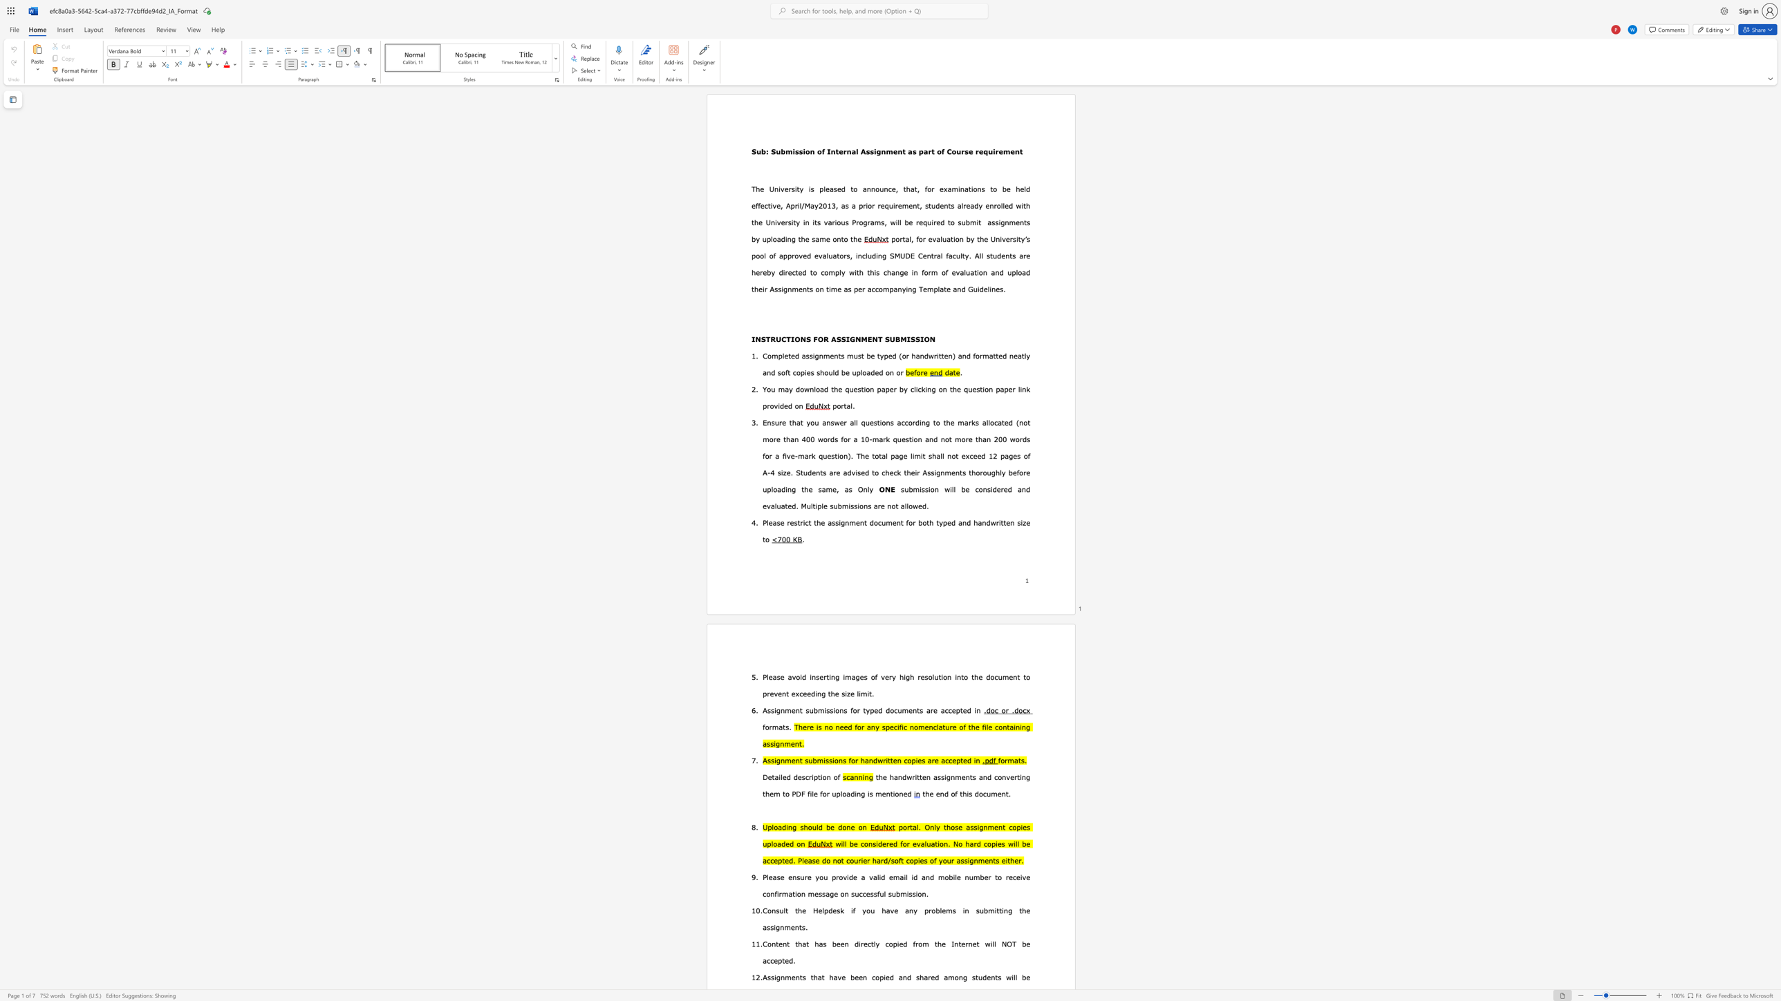  Describe the element at coordinates (1008, 726) in the screenshot. I see `the subset text "ai" within the text "containing"` at that location.